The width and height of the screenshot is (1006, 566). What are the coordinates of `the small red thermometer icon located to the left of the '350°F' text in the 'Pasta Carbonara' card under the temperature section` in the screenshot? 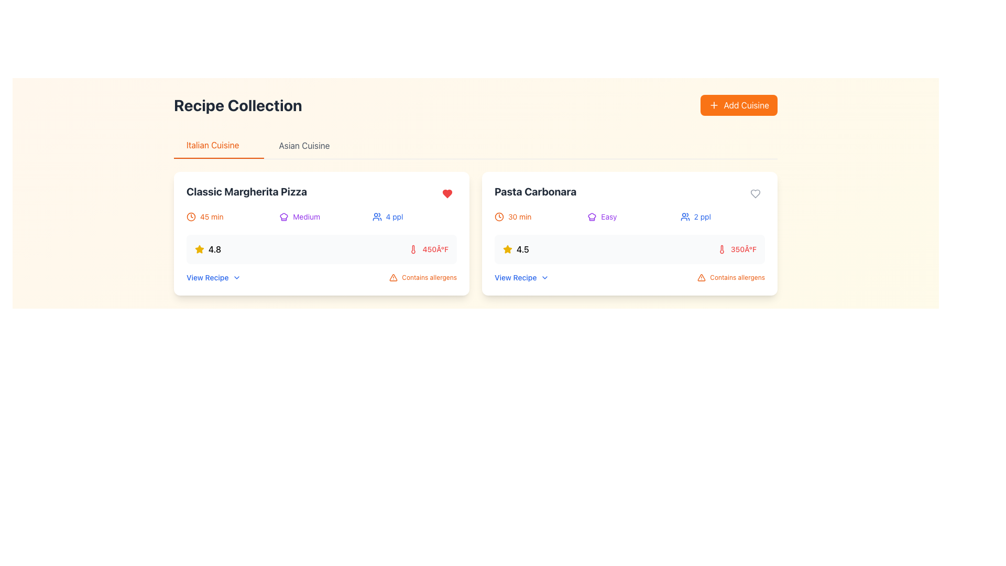 It's located at (721, 249).